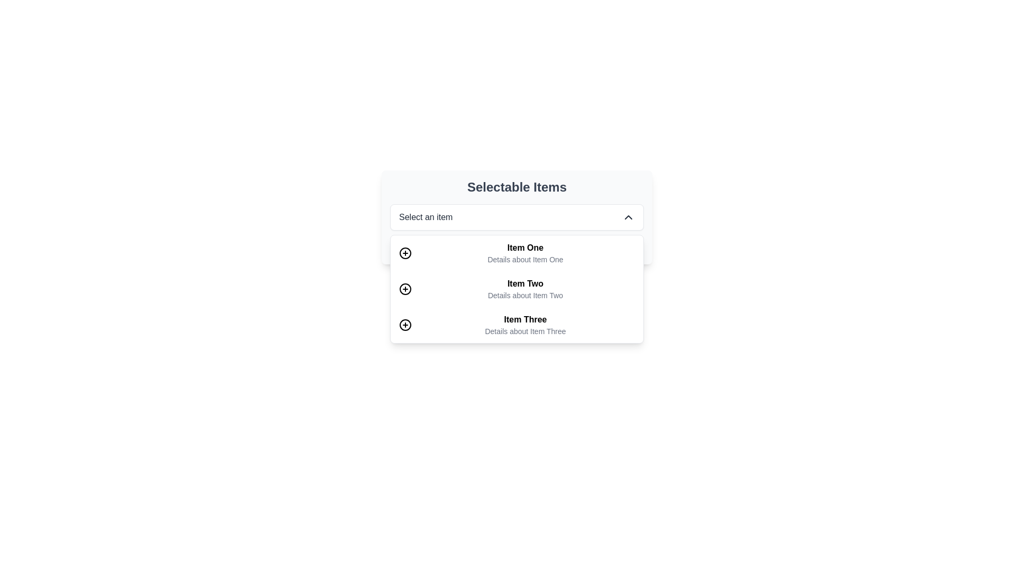  I want to click on the List item containing the bold text 'Item One' and the circular icon with a plus sign, so click(517, 253).